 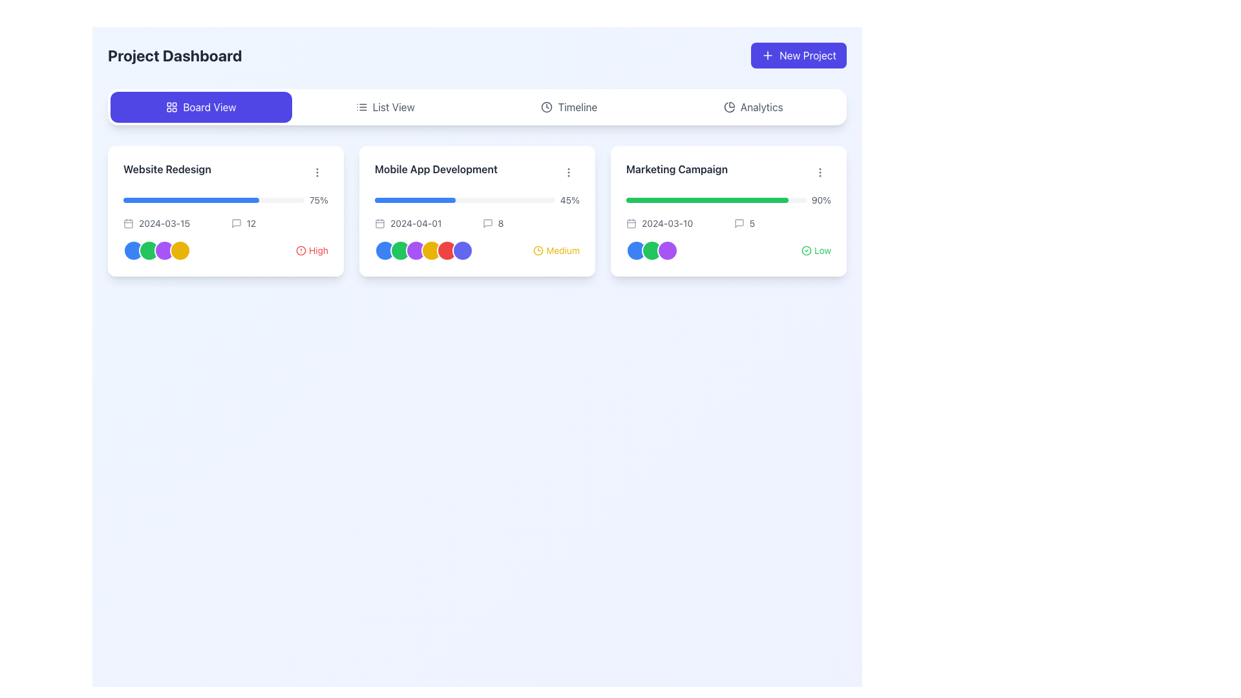 What do you see at coordinates (569, 106) in the screenshot?
I see `the 'Timeline' button, which is the third button in a row of four` at bounding box center [569, 106].